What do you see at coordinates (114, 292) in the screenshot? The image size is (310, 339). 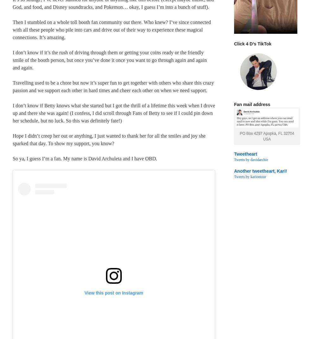 I see `'View this post on Instagram'` at bounding box center [114, 292].